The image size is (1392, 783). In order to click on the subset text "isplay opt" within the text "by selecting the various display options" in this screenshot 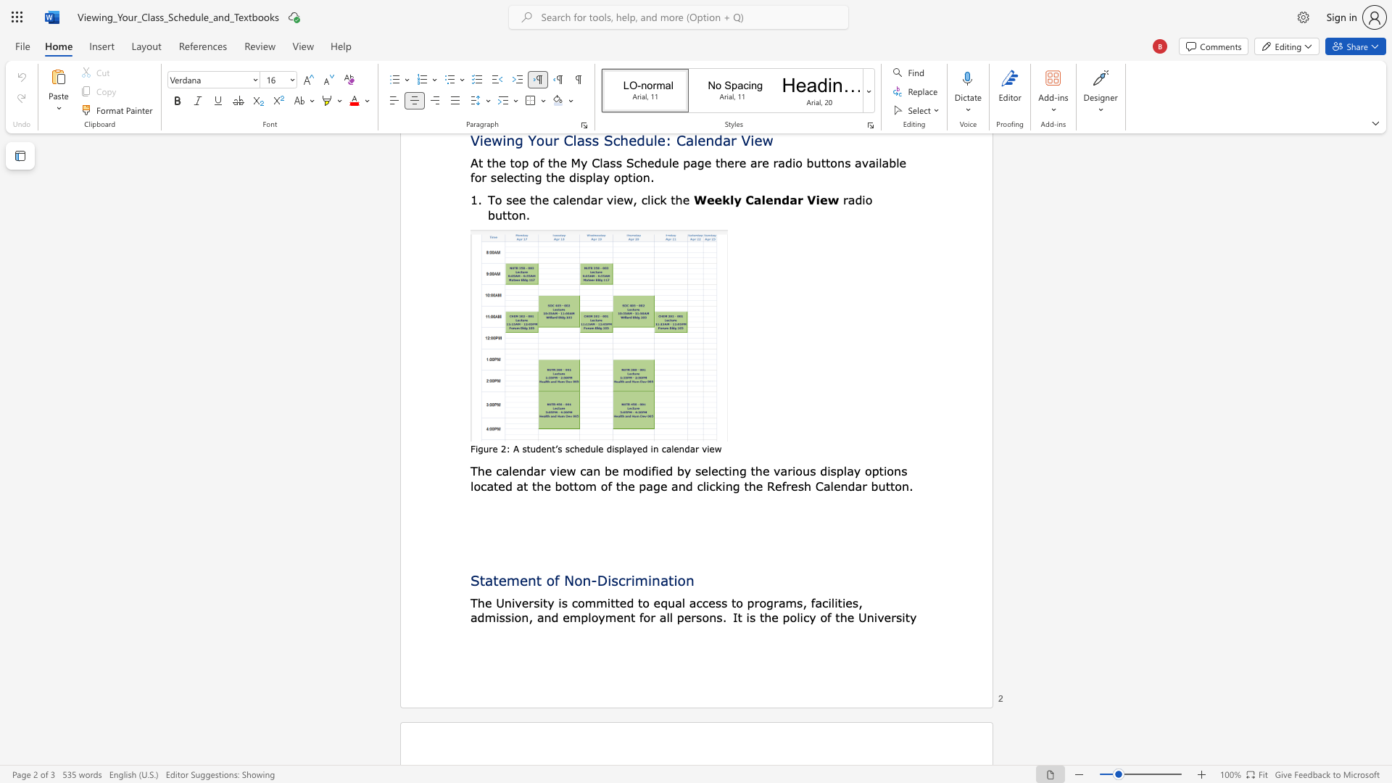, I will do `click(827, 471)`.